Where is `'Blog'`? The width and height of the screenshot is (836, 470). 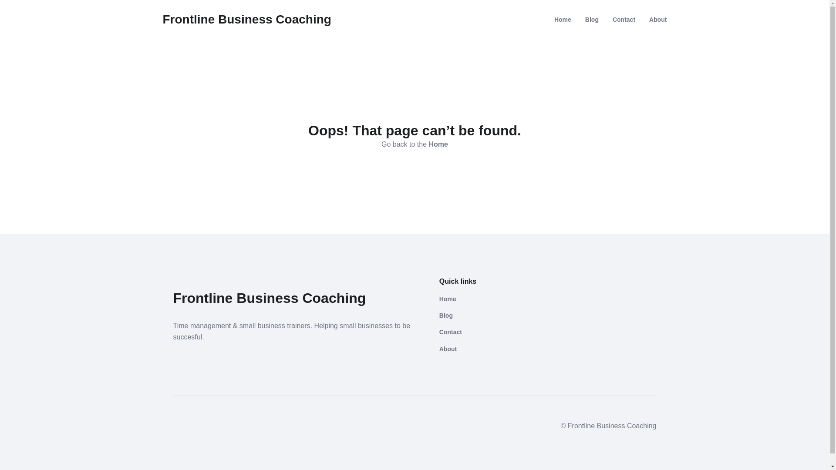 'Blog' is located at coordinates (592, 20).